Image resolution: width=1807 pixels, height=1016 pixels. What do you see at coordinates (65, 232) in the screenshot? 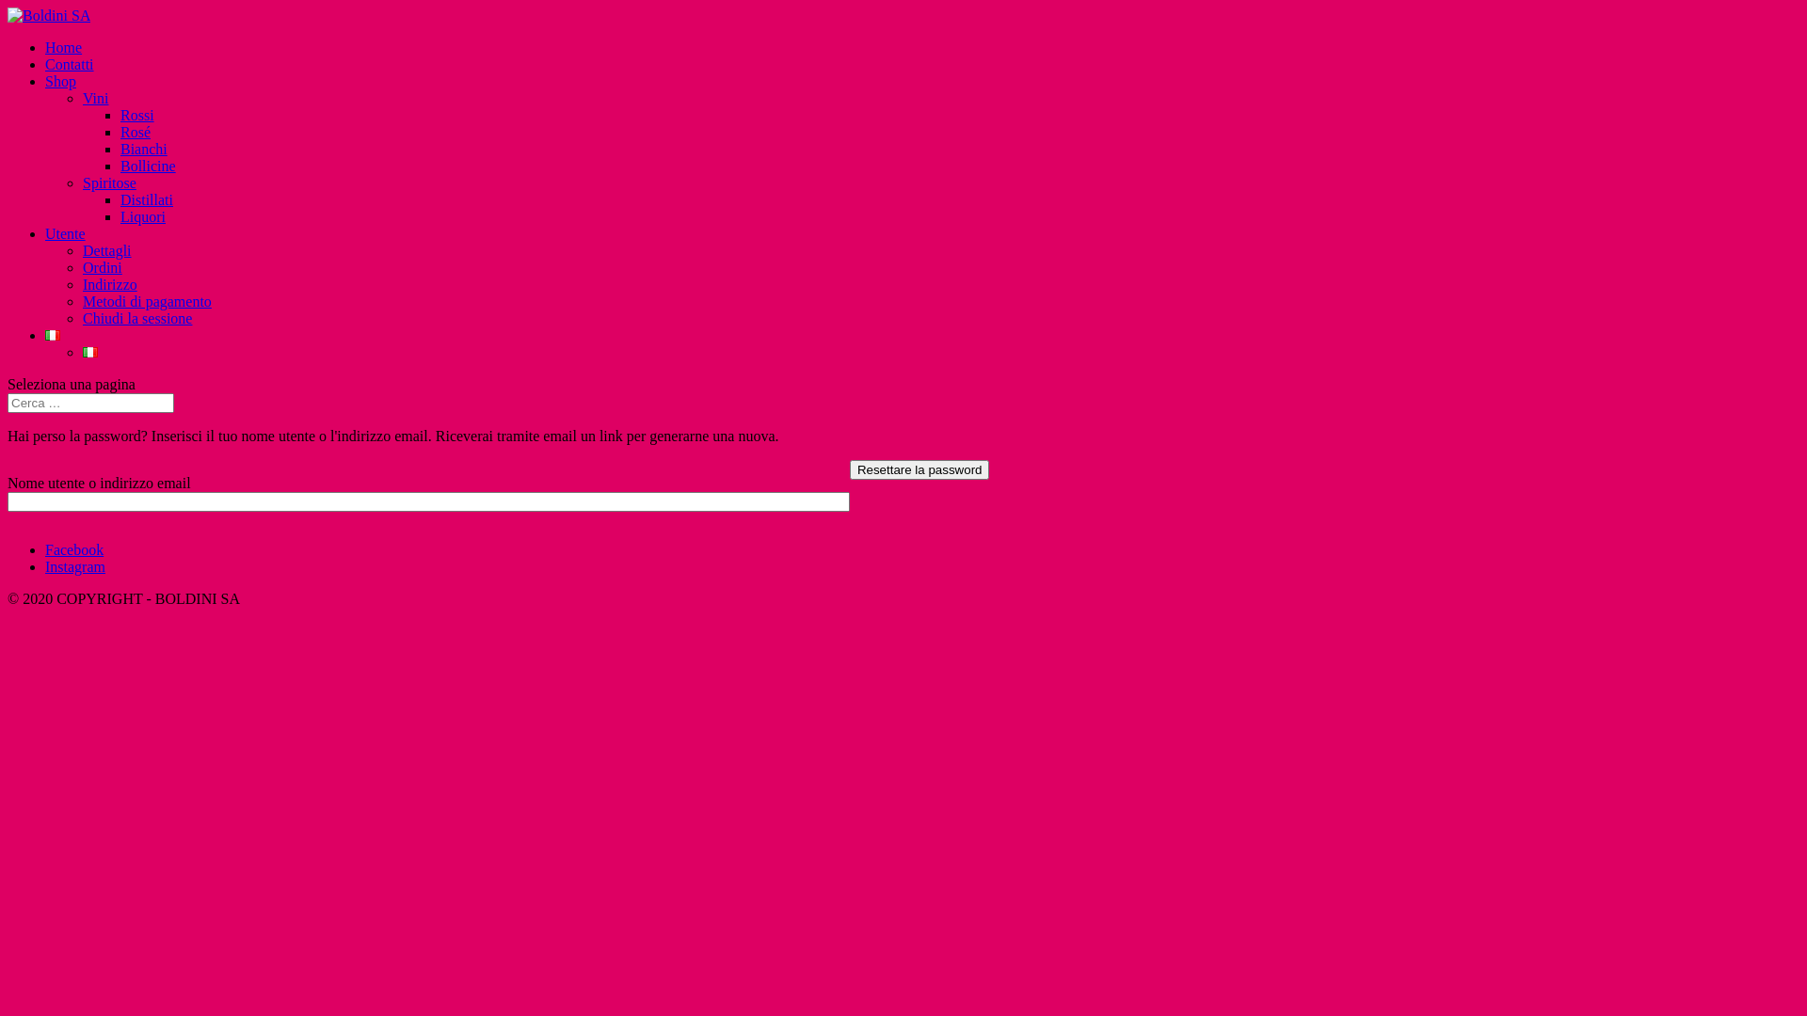
I see `'Utente'` at bounding box center [65, 232].